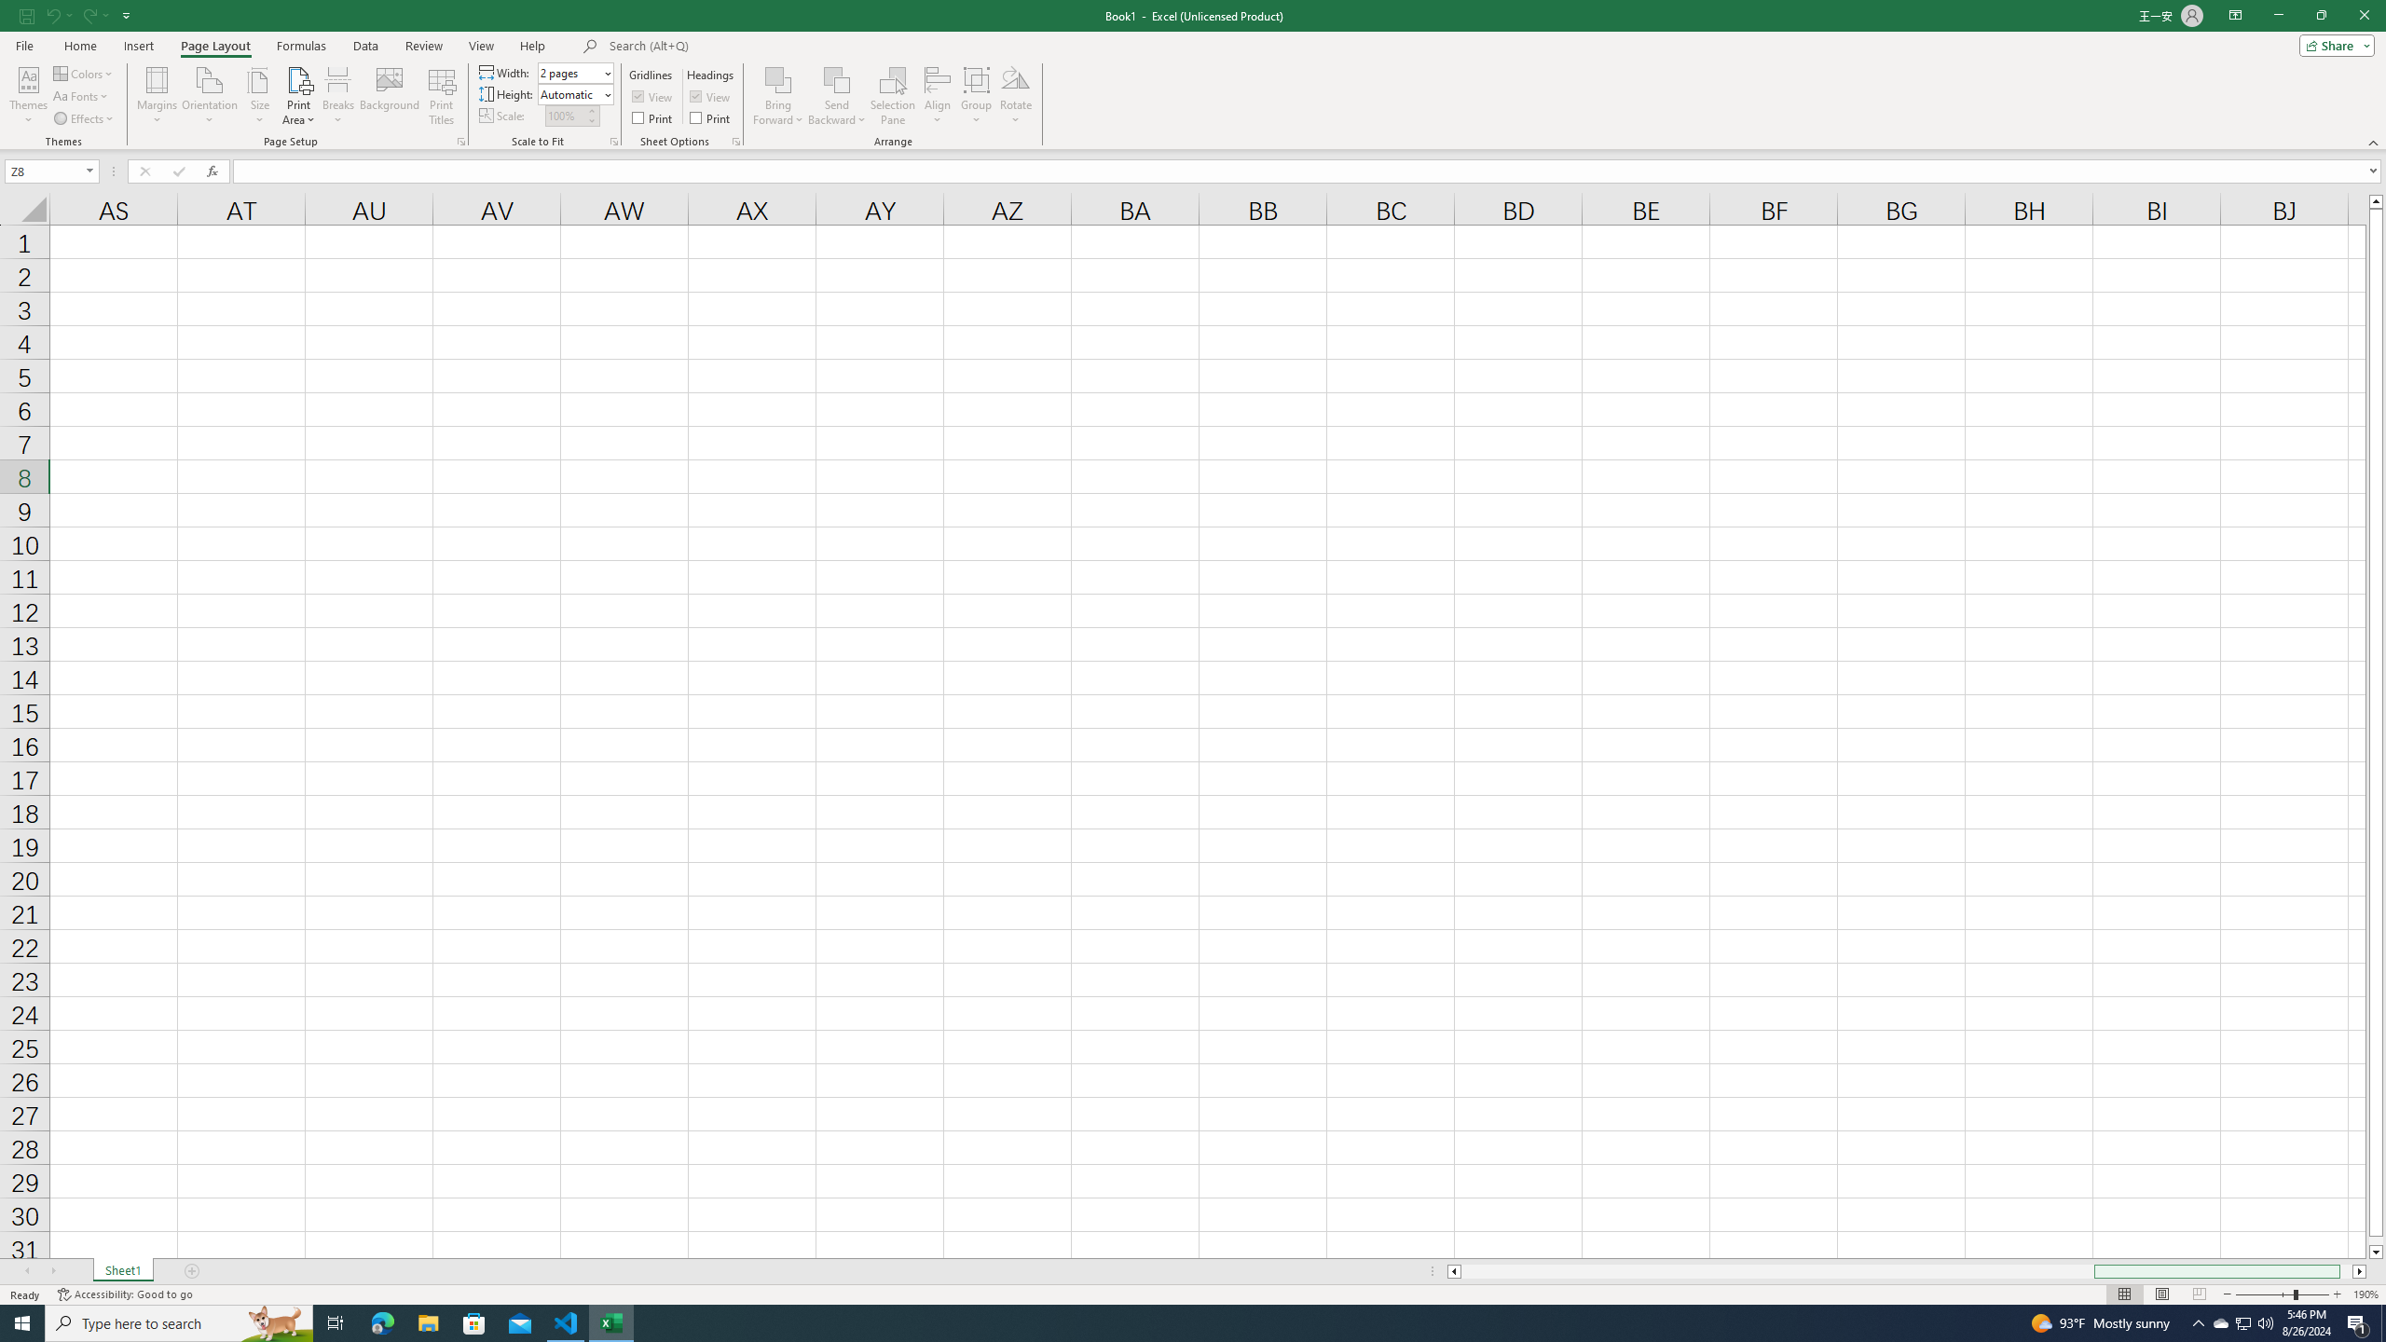 This screenshot has width=2386, height=1342. What do you see at coordinates (126, 14) in the screenshot?
I see `'Customize Quick Access Toolbar'` at bounding box center [126, 14].